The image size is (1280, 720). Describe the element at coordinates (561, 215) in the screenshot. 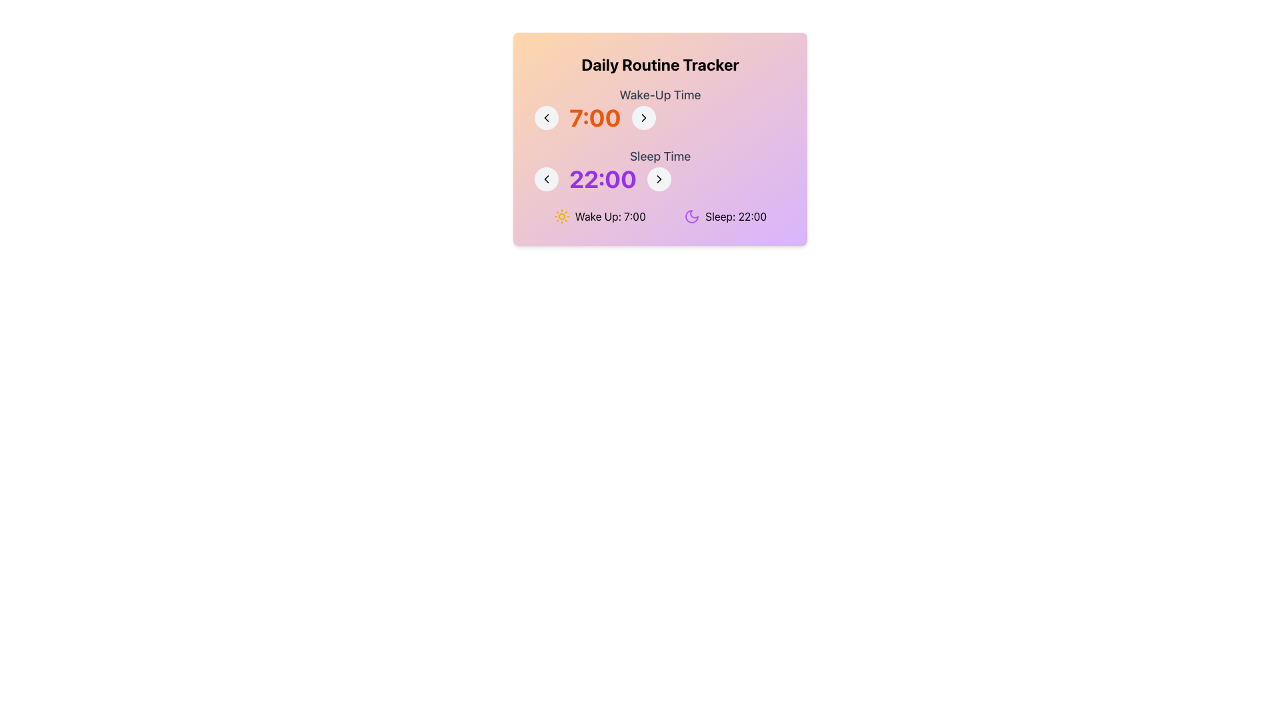

I see `the Decorative sun icon, which is bright yellow with eight rays, located to the left of the text 'Wake Up: 7:00'` at that location.